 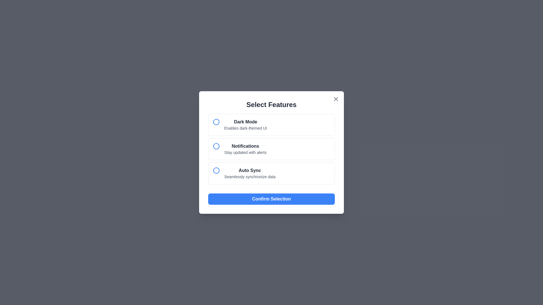 What do you see at coordinates (271, 199) in the screenshot?
I see `the 'Confirm Selection' button to confirm the selected features` at bounding box center [271, 199].